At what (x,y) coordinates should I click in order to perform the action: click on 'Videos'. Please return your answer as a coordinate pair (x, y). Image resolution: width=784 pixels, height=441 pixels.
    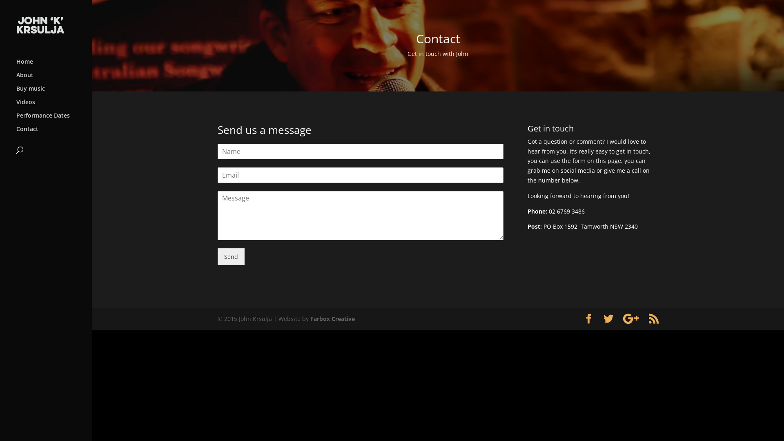
    Looking at the image, I should click on (16, 105).